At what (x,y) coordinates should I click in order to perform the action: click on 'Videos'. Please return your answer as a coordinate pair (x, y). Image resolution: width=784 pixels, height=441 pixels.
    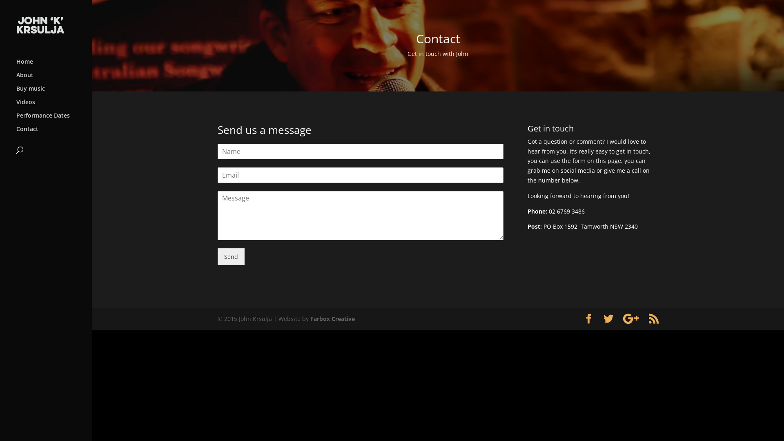
    Looking at the image, I should click on (16, 105).